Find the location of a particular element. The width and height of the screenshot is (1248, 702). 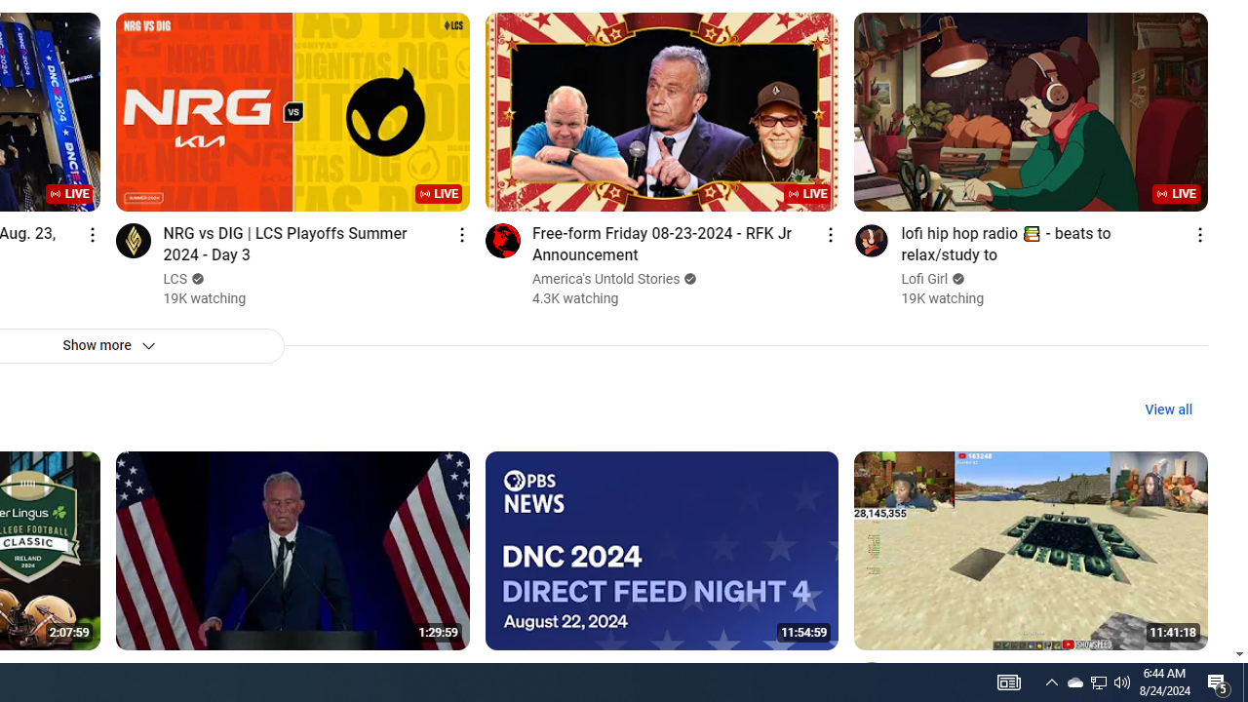

'View all' is located at coordinates (1168, 409).